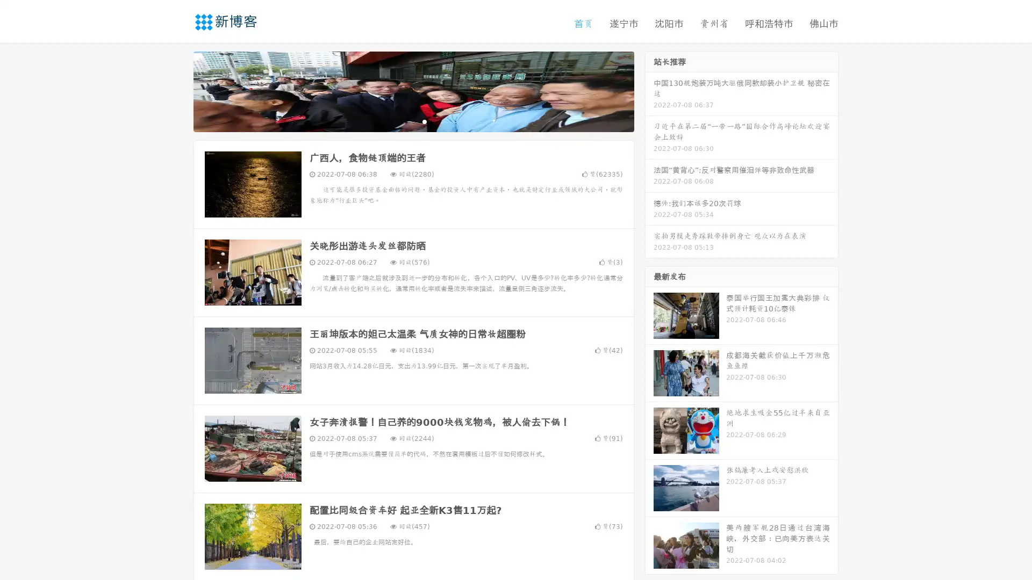 This screenshot has width=1032, height=580. Describe the element at coordinates (424, 121) in the screenshot. I see `Go to slide 3` at that location.